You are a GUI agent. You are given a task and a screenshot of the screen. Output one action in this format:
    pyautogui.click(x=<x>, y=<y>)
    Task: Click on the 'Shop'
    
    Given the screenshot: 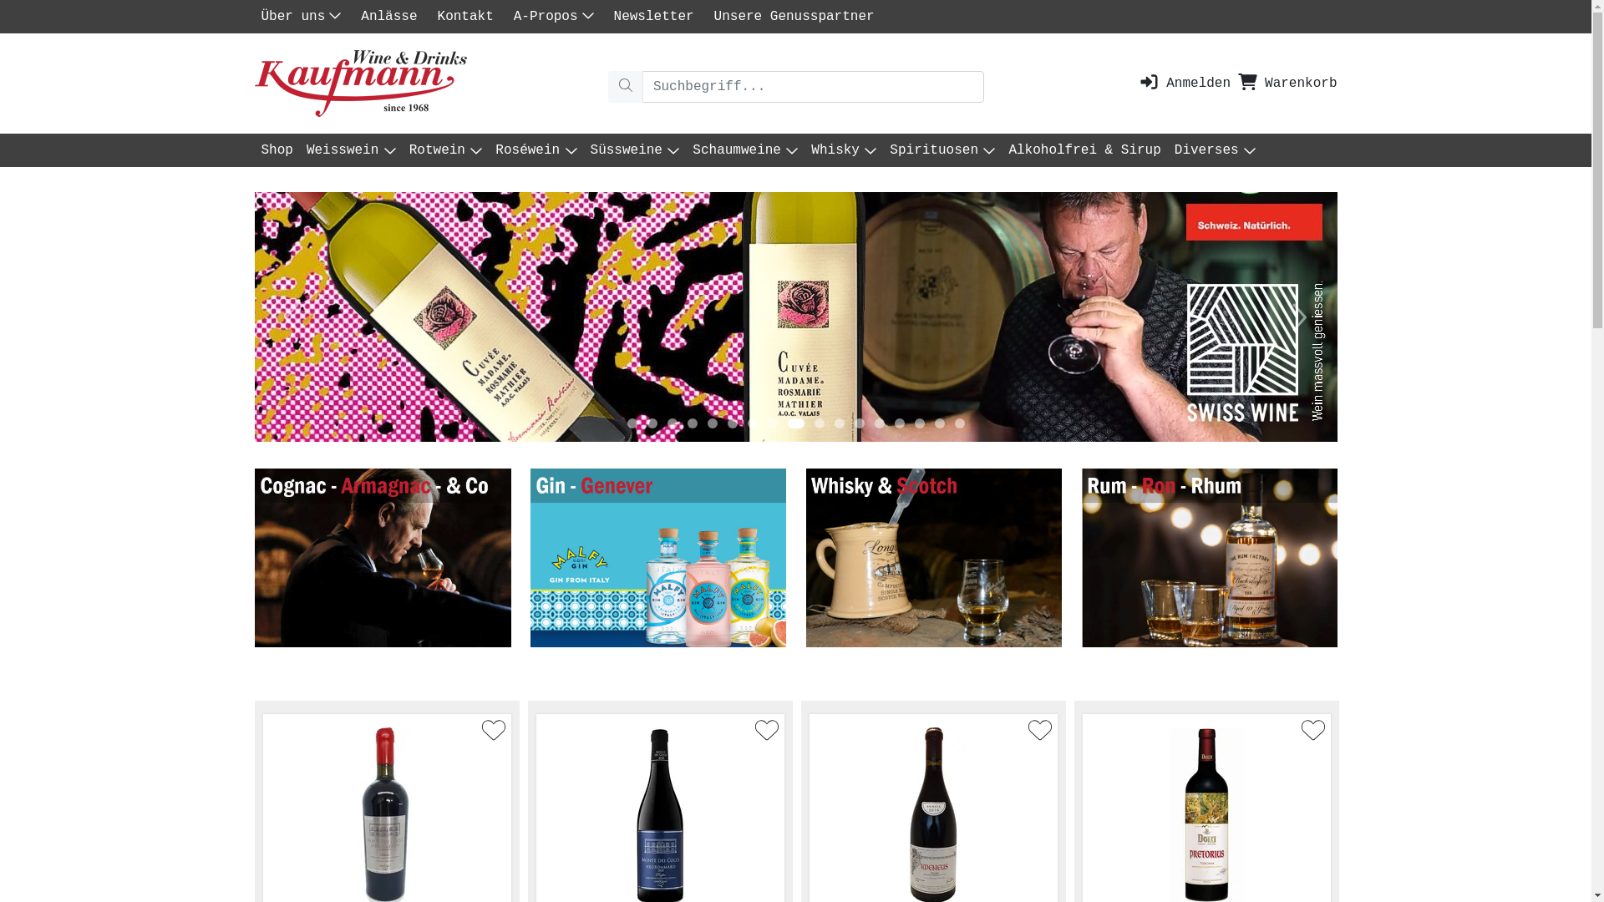 What is the action you would take?
    pyautogui.click(x=252, y=150)
    